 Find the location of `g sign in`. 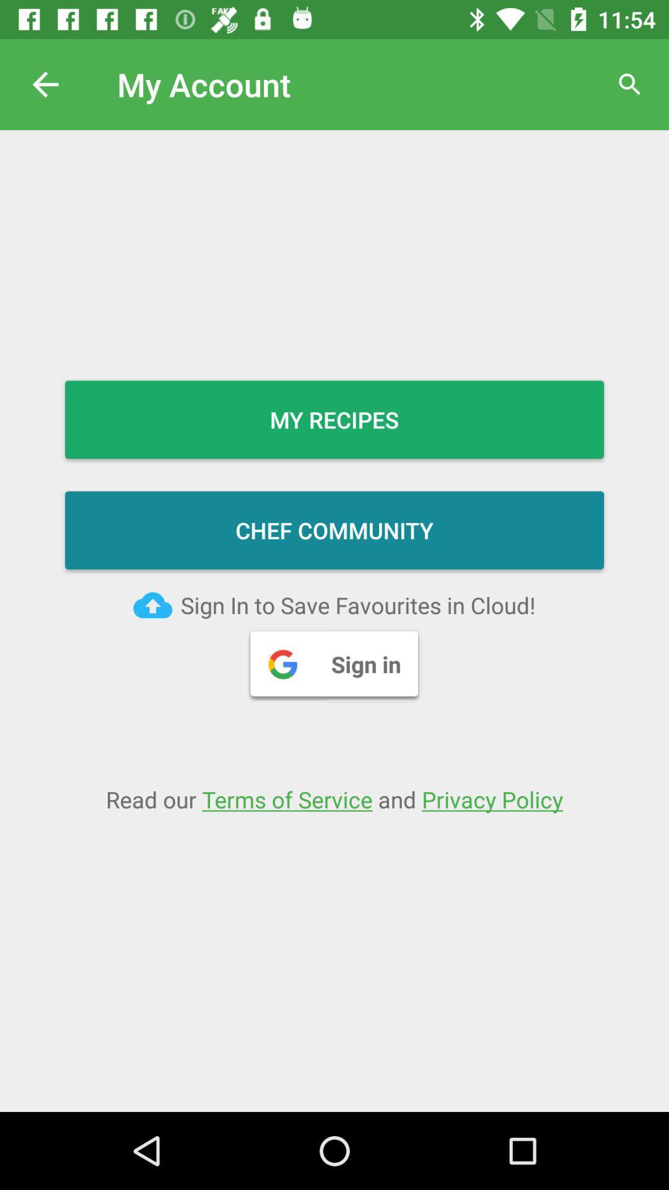

g sign in is located at coordinates (334, 663).